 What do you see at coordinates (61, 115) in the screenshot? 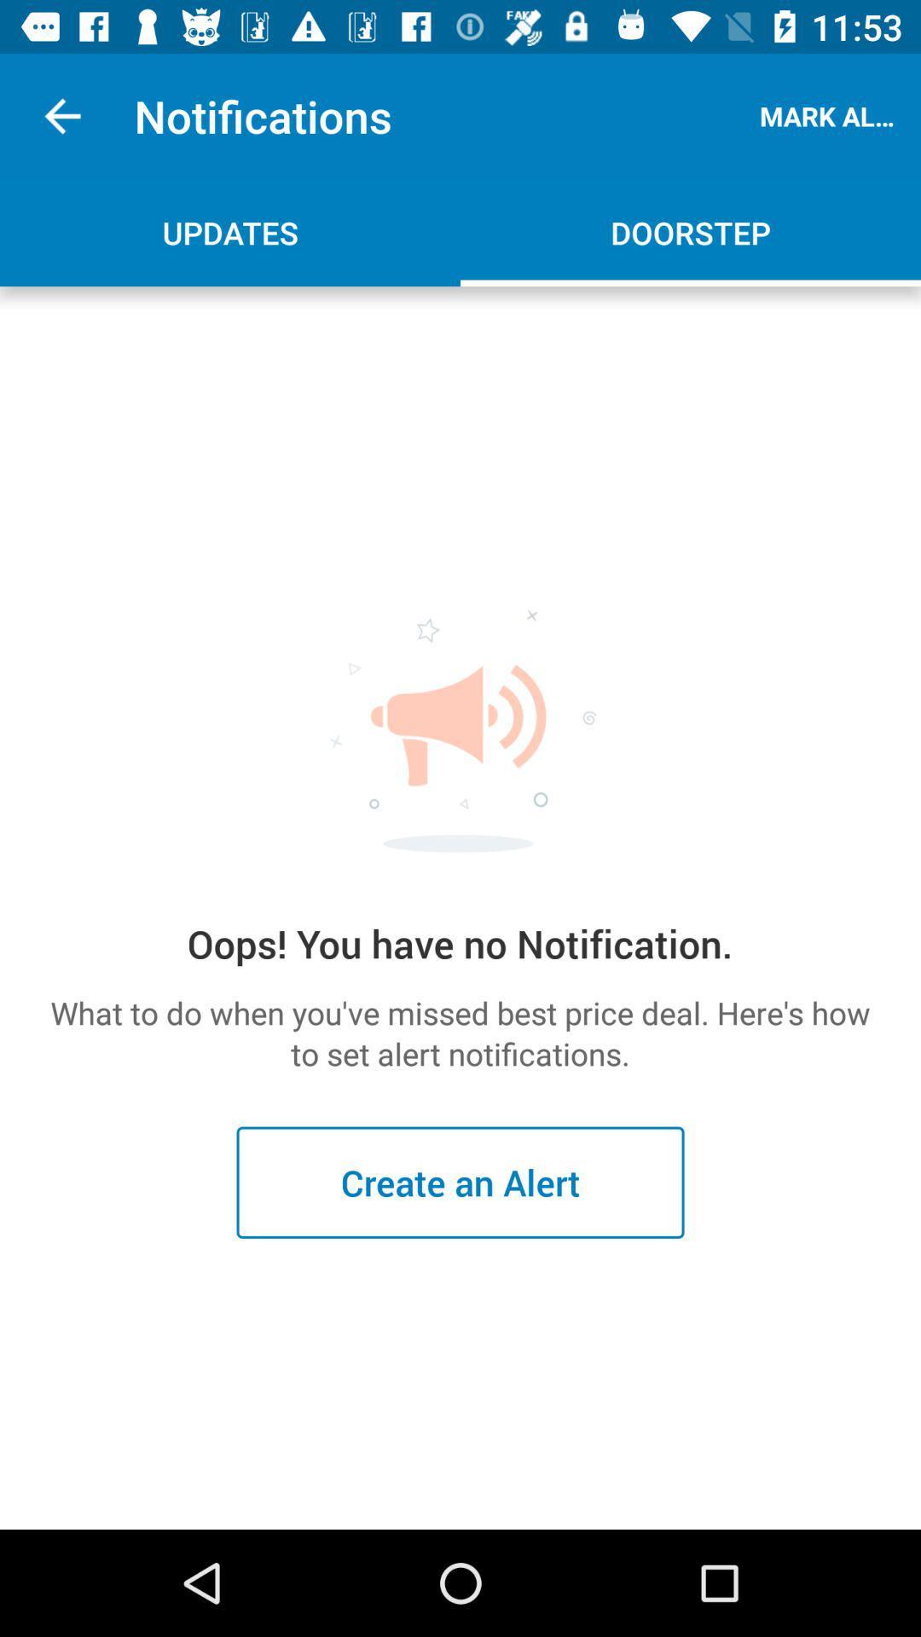
I see `the icon above the updates icon` at bounding box center [61, 115].